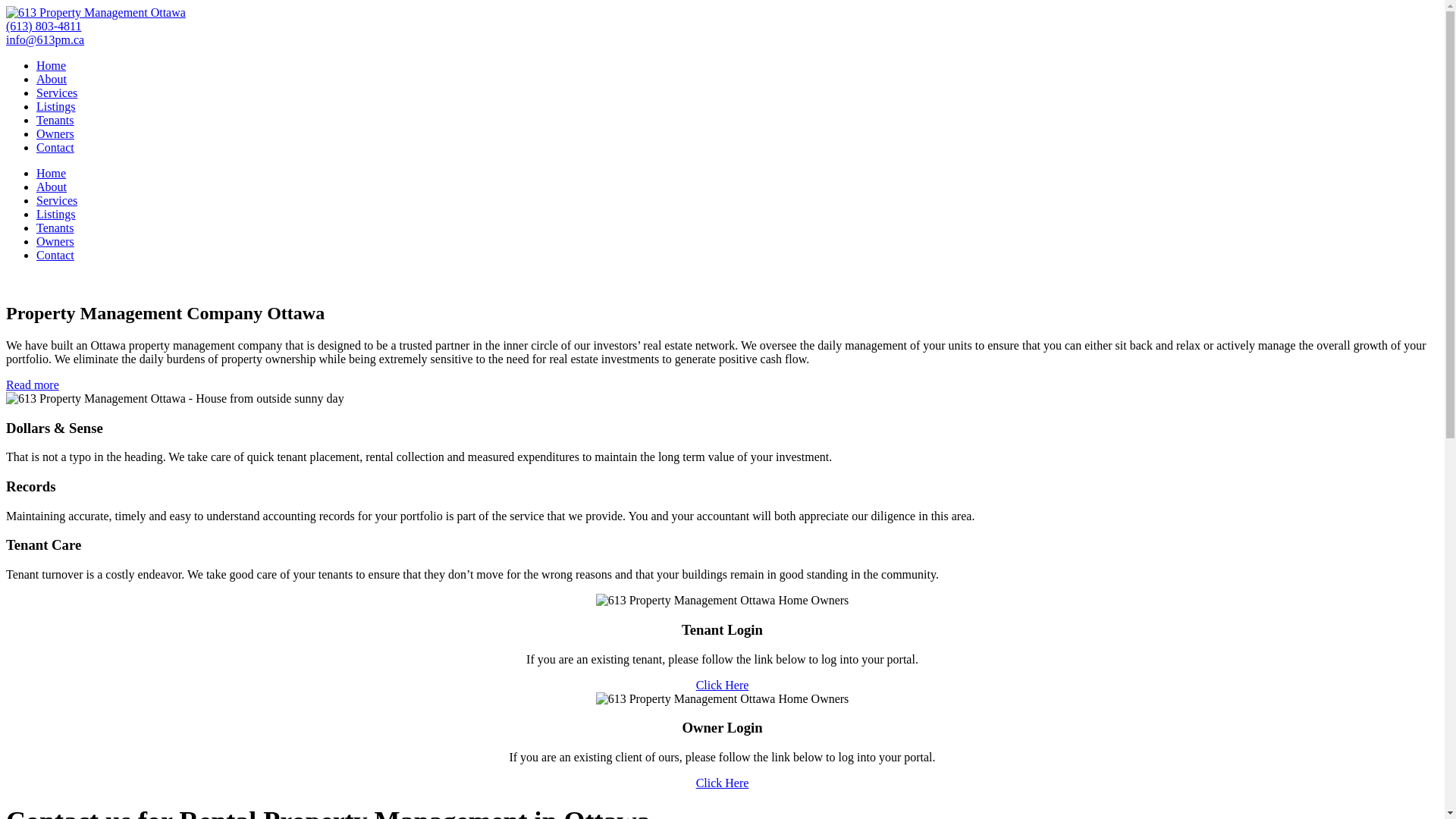 The height and width of the screenshot is (819, 1456). I want to click on 'Click Here', so click(722, 783).